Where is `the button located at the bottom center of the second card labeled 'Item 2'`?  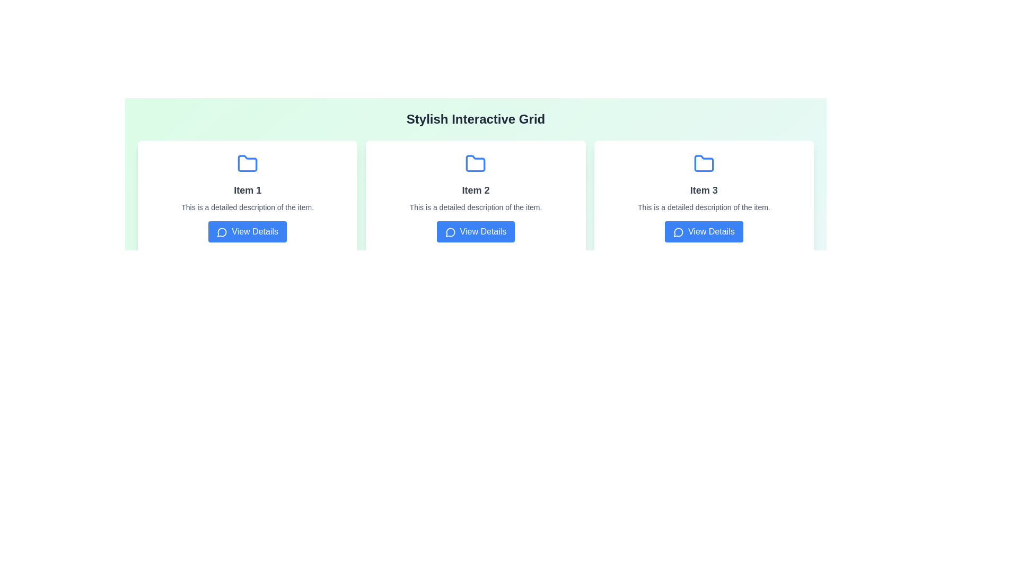 the button located at the bottom center of the second card labeled 'Item 2' is located at coordinates (475, 231).